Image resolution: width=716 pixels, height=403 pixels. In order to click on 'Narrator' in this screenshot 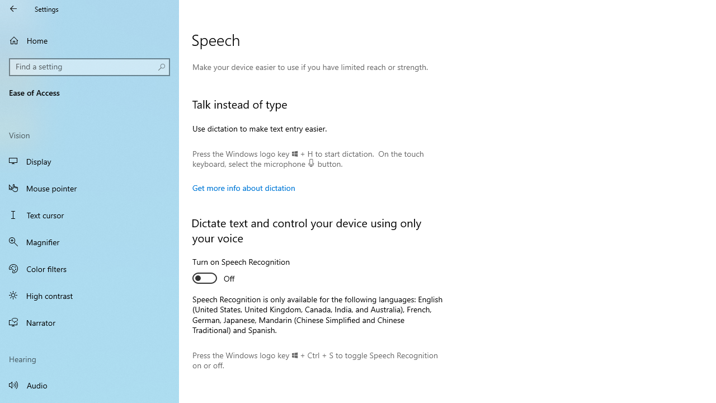, I will do `click(89, 322)`.